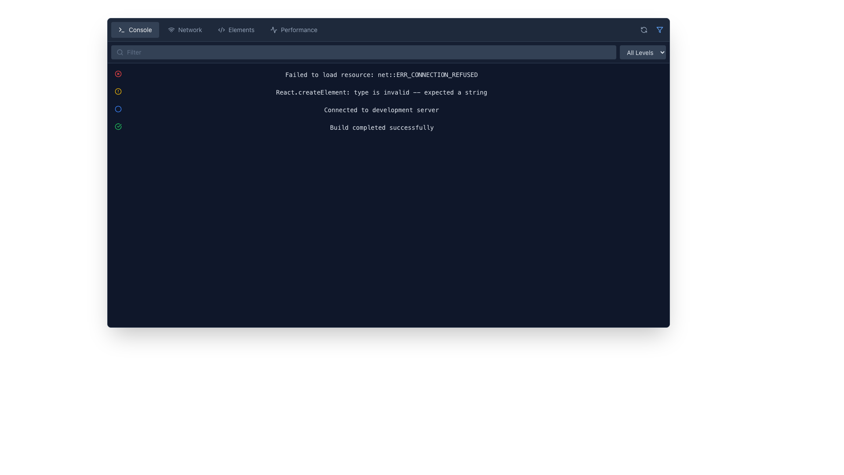 This screenshot has height=475, width=844. Describe the element at coordinates (388, 127) in the screenshot. I see `log message displaying 'Build completed successfully' with a timestamp '12:01:19', which is the last entry in the log list and has a green check icon on the left` at that location.